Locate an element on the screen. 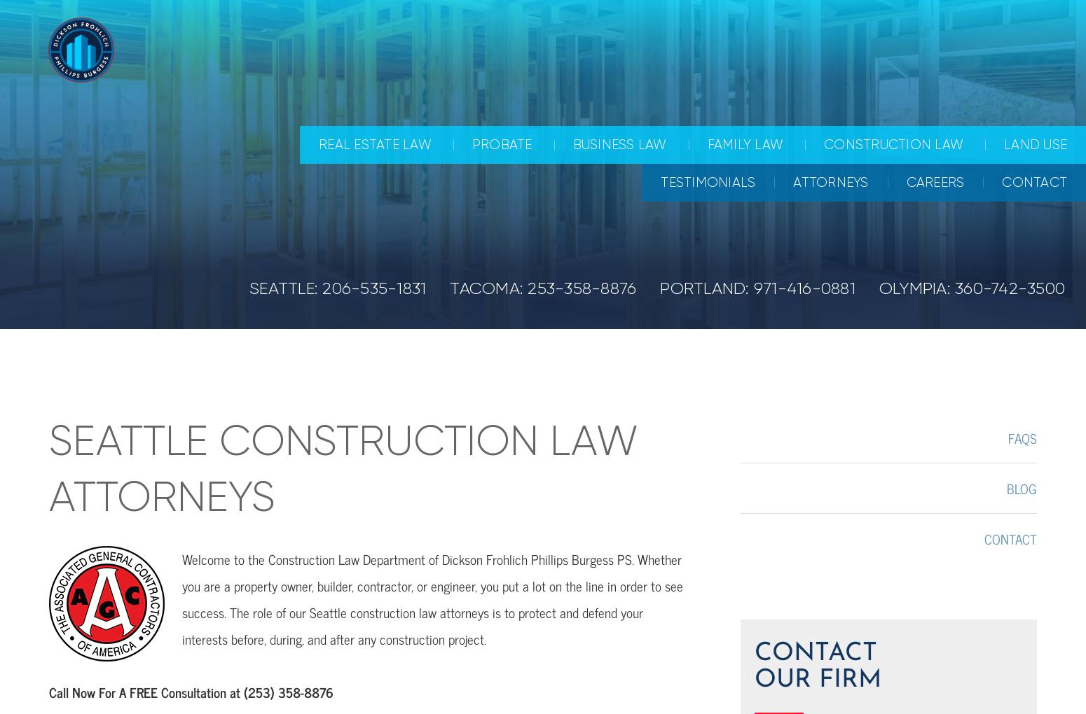 This screenshot has height=714, width=1086. 'PORTLAND:' is located at coordinates (706, 288).